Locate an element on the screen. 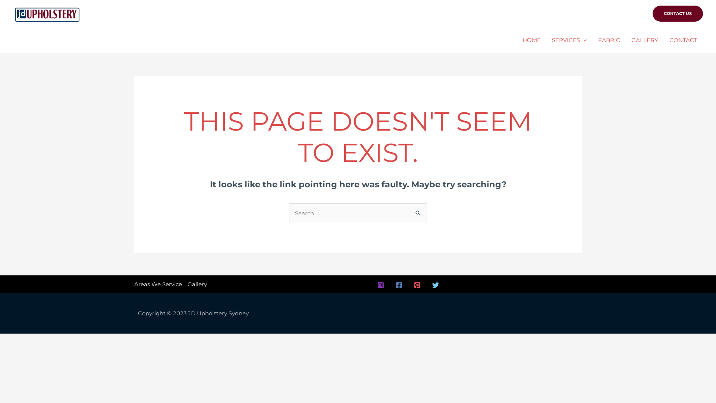 This screenshot has height=403, width=716. 'CONTACT' is located at coordinates (683, 40).